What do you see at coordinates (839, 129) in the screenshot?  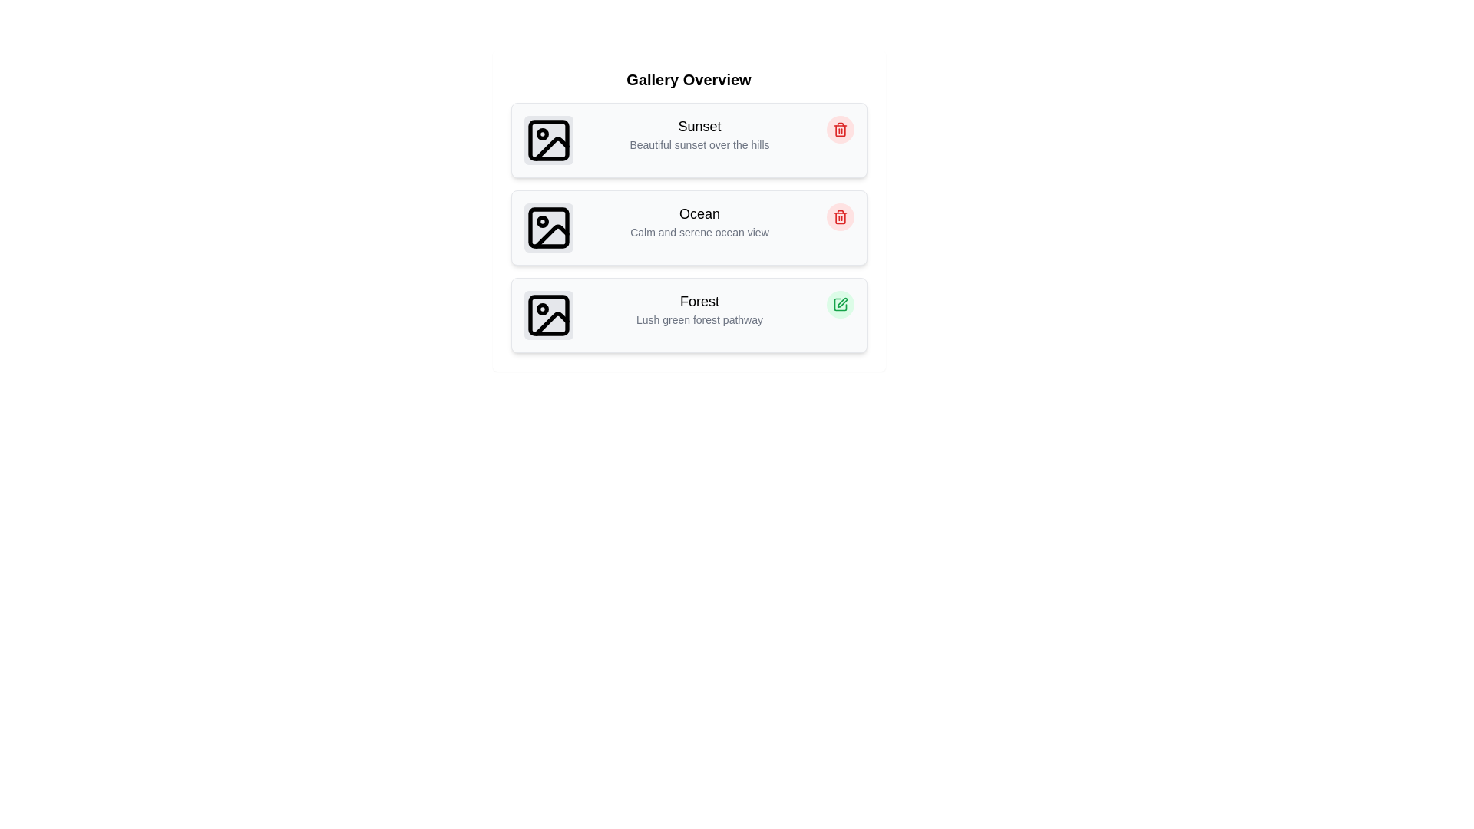 I see `the state indicator of the item Sunset` at bounding box center [839, 129].